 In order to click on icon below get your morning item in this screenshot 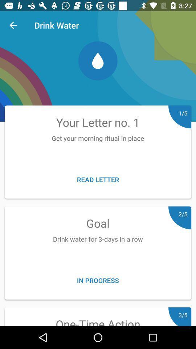, I will do `click(98, 179)`.